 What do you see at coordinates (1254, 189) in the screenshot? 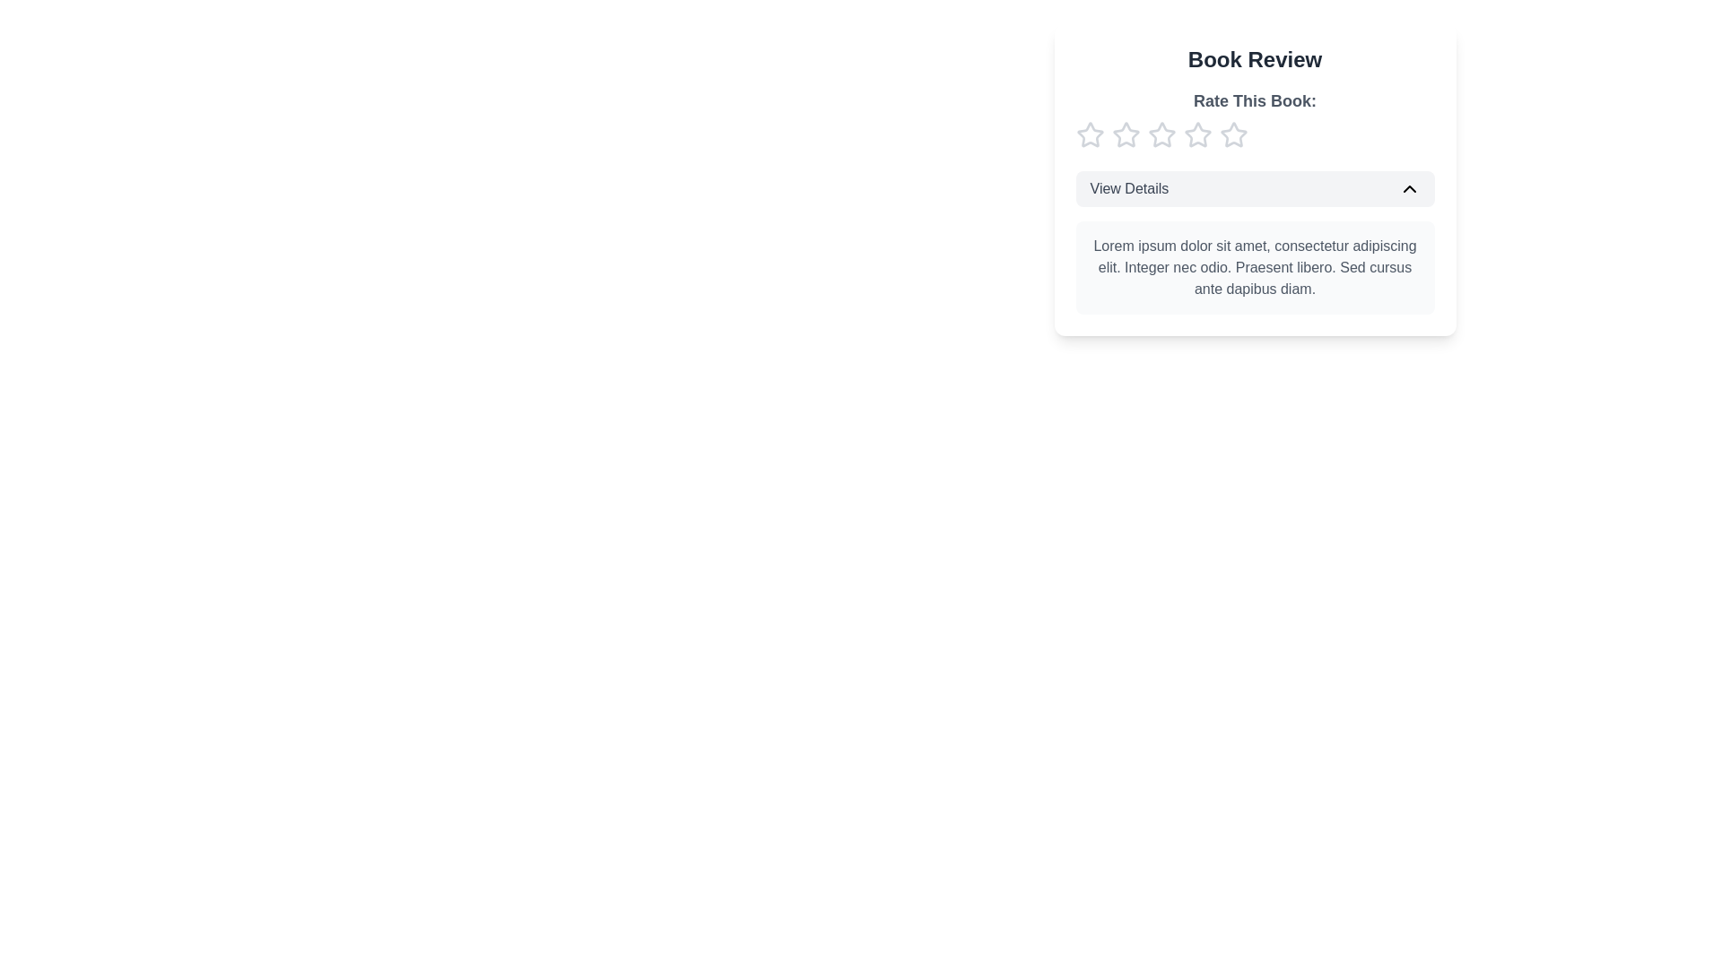
I see `the 'View Details' button` at bounding box center [1254, 189].